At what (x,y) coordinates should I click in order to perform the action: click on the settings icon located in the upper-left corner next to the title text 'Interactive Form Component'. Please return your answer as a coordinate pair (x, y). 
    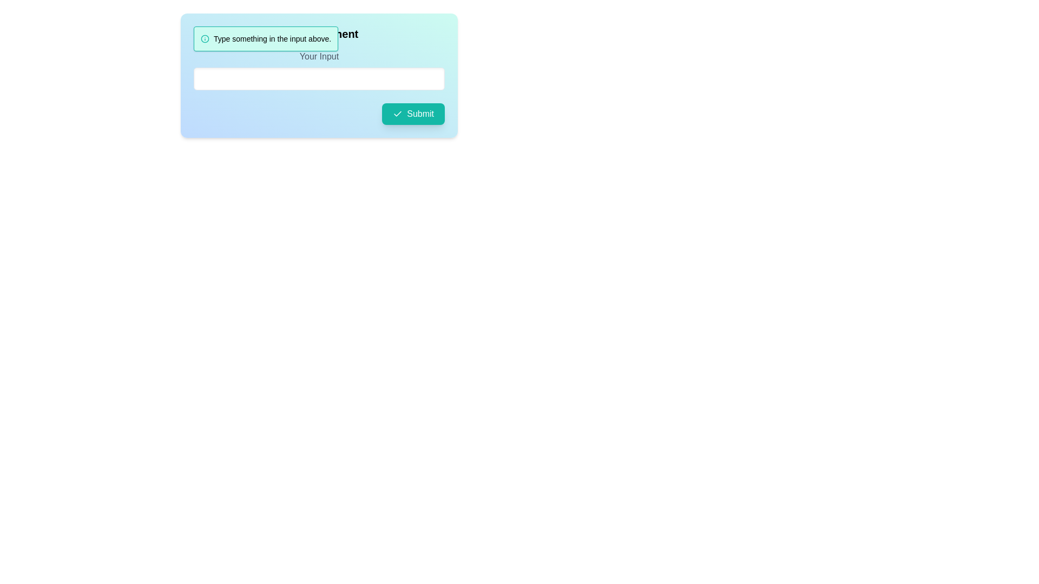
    Looking at the image, I should click on (200, 33).